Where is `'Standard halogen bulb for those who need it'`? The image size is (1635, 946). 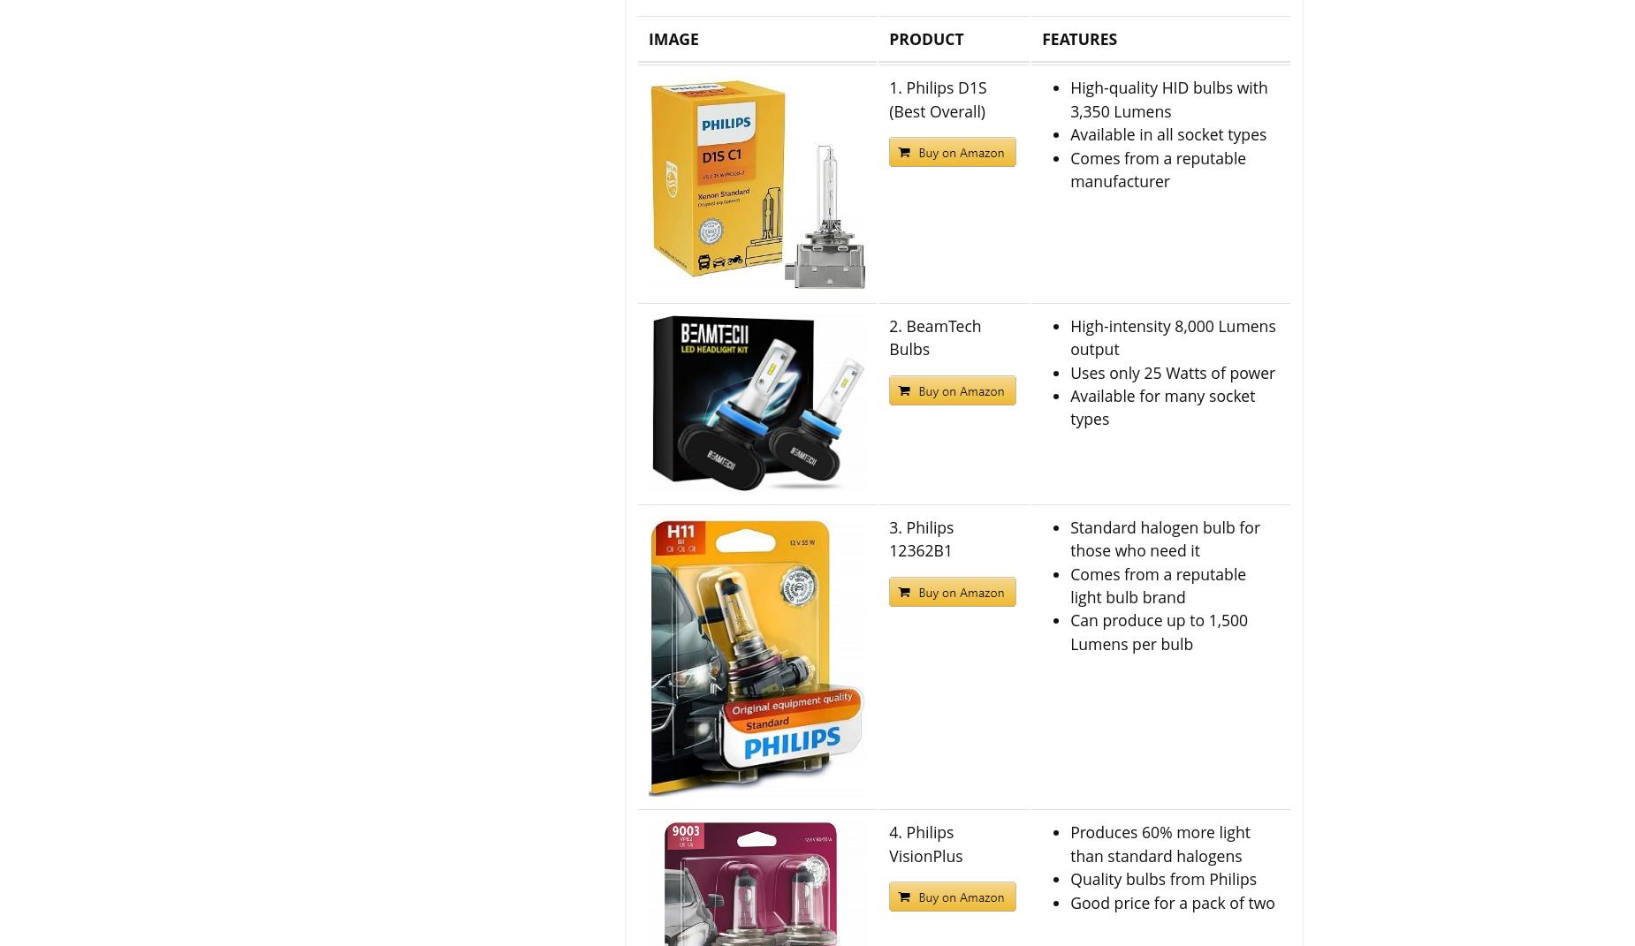
'Standard halogen bulb for those who need it' is located at coordinates (1069, 538).